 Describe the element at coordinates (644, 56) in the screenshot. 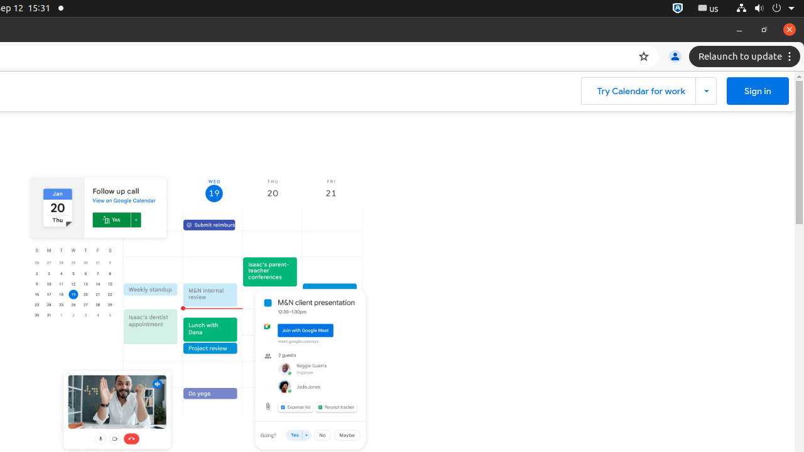

I see `'Bookmark this tab'` at that location.